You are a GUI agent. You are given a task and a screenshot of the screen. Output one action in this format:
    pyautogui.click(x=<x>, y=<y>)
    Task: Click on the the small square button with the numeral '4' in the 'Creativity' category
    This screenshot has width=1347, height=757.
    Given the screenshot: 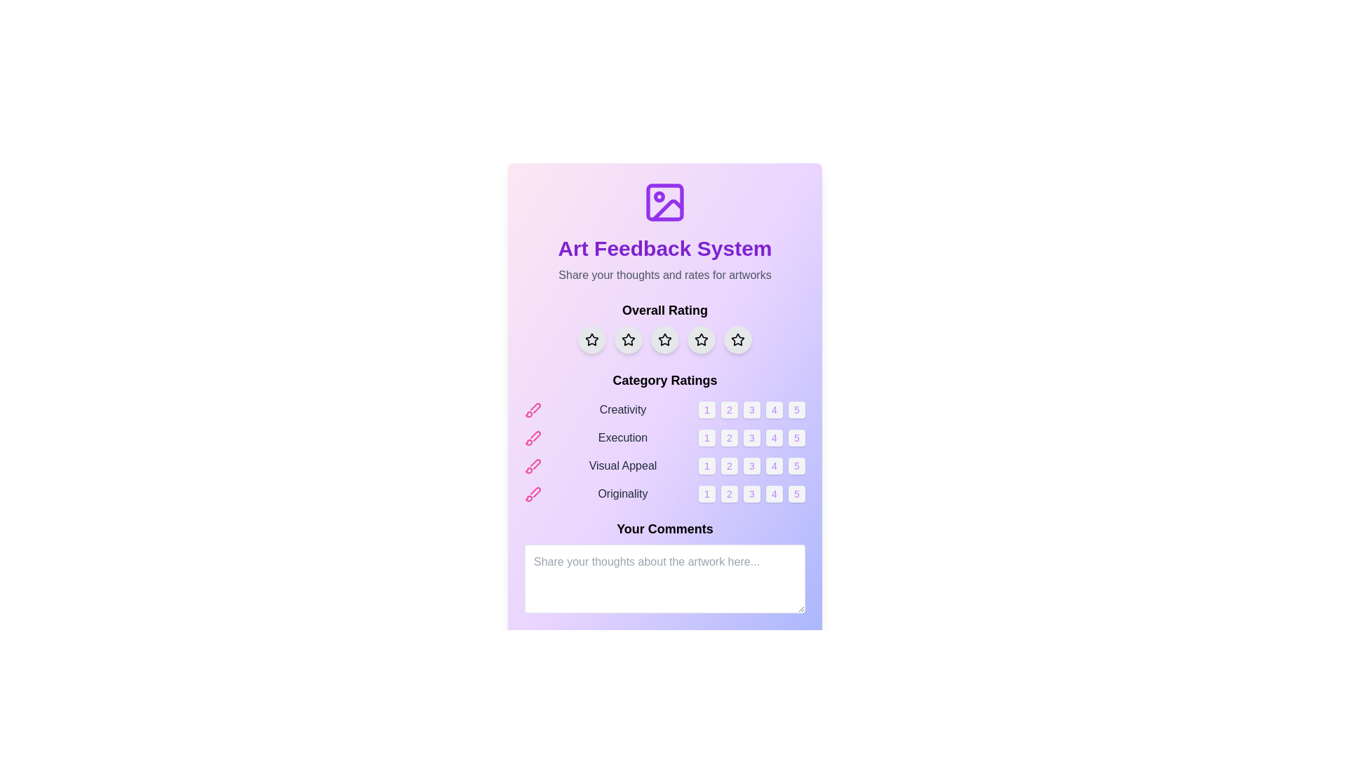 What is the action you would take?
    pyautogui.click(x=774, y=410)
    